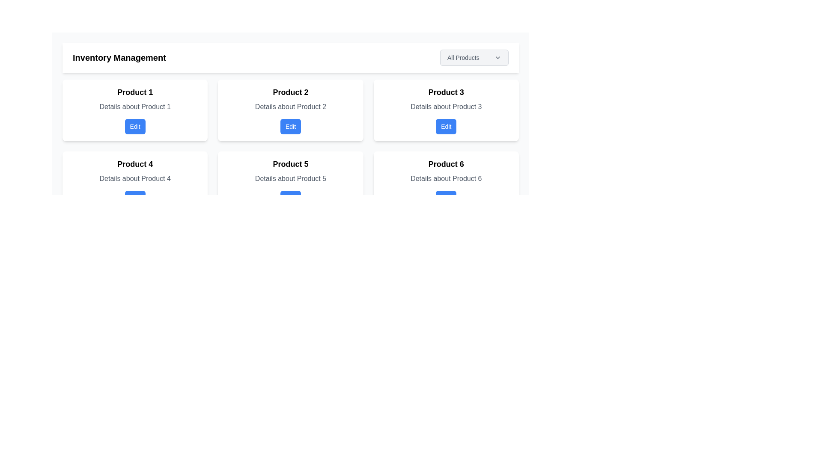 The height and width of the screenshot is (462, 822). What do you see at coordinates (119, 58) in the screenshot?
I see `the 'Inventory Management' text label element, which is styled in a larger font size and bold weight, serving as a section header in the upper left corner of the interface` at bounding box center [119, 58].